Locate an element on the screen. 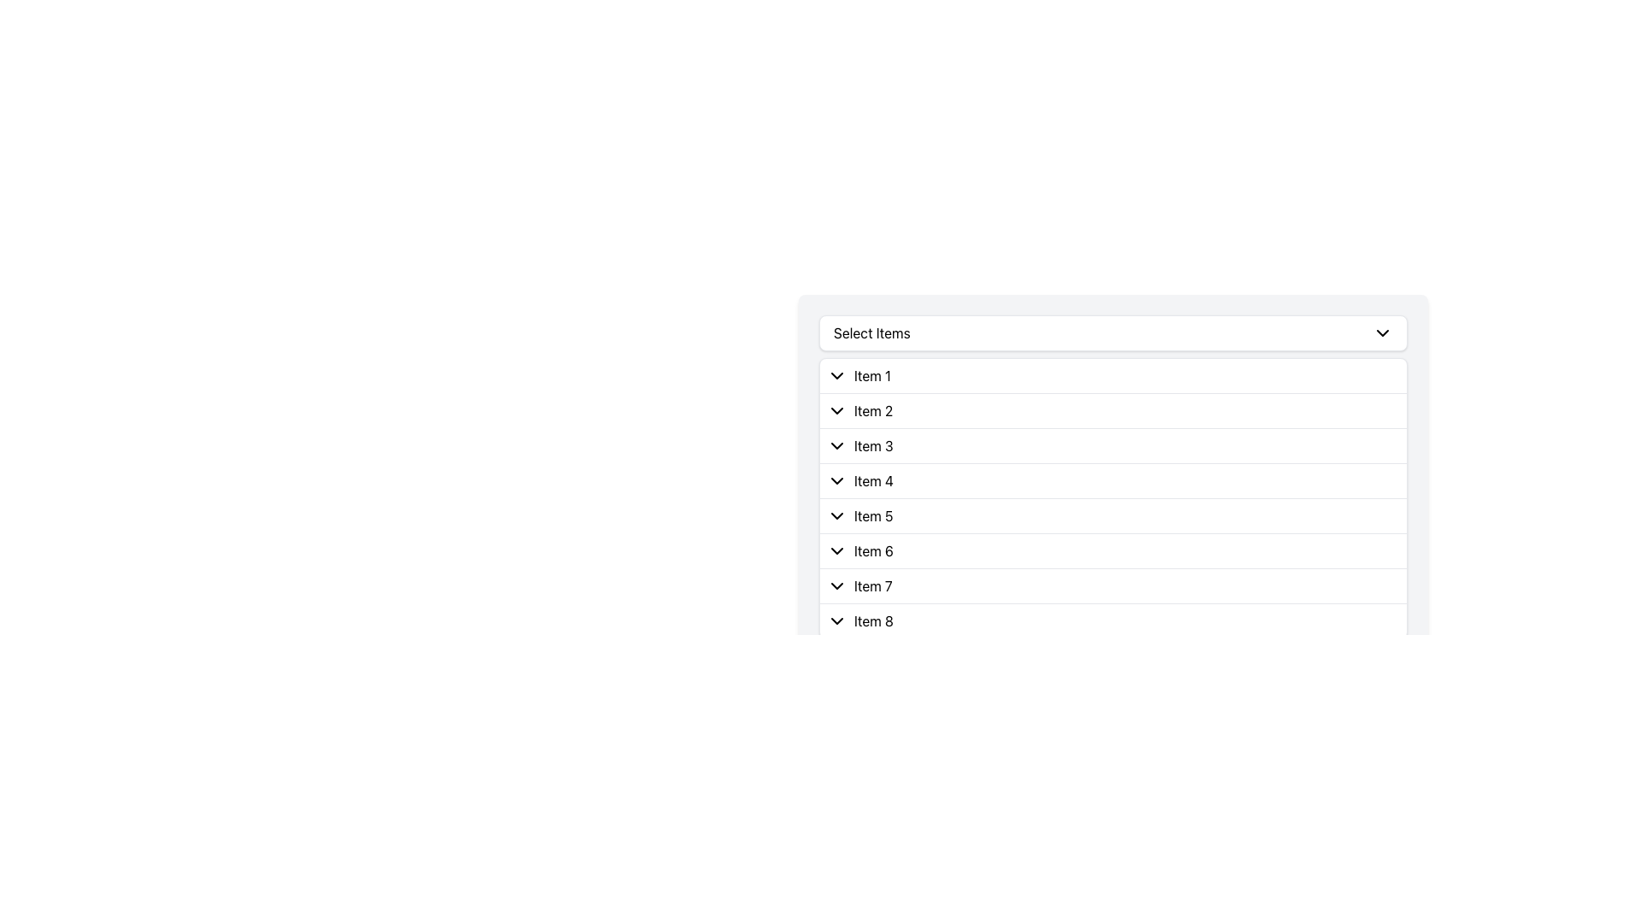  the fifth item in the vertically stacked list, which is positioned below 'Item 4' and above 'Item 6' is located at coordinates (1113, 514).